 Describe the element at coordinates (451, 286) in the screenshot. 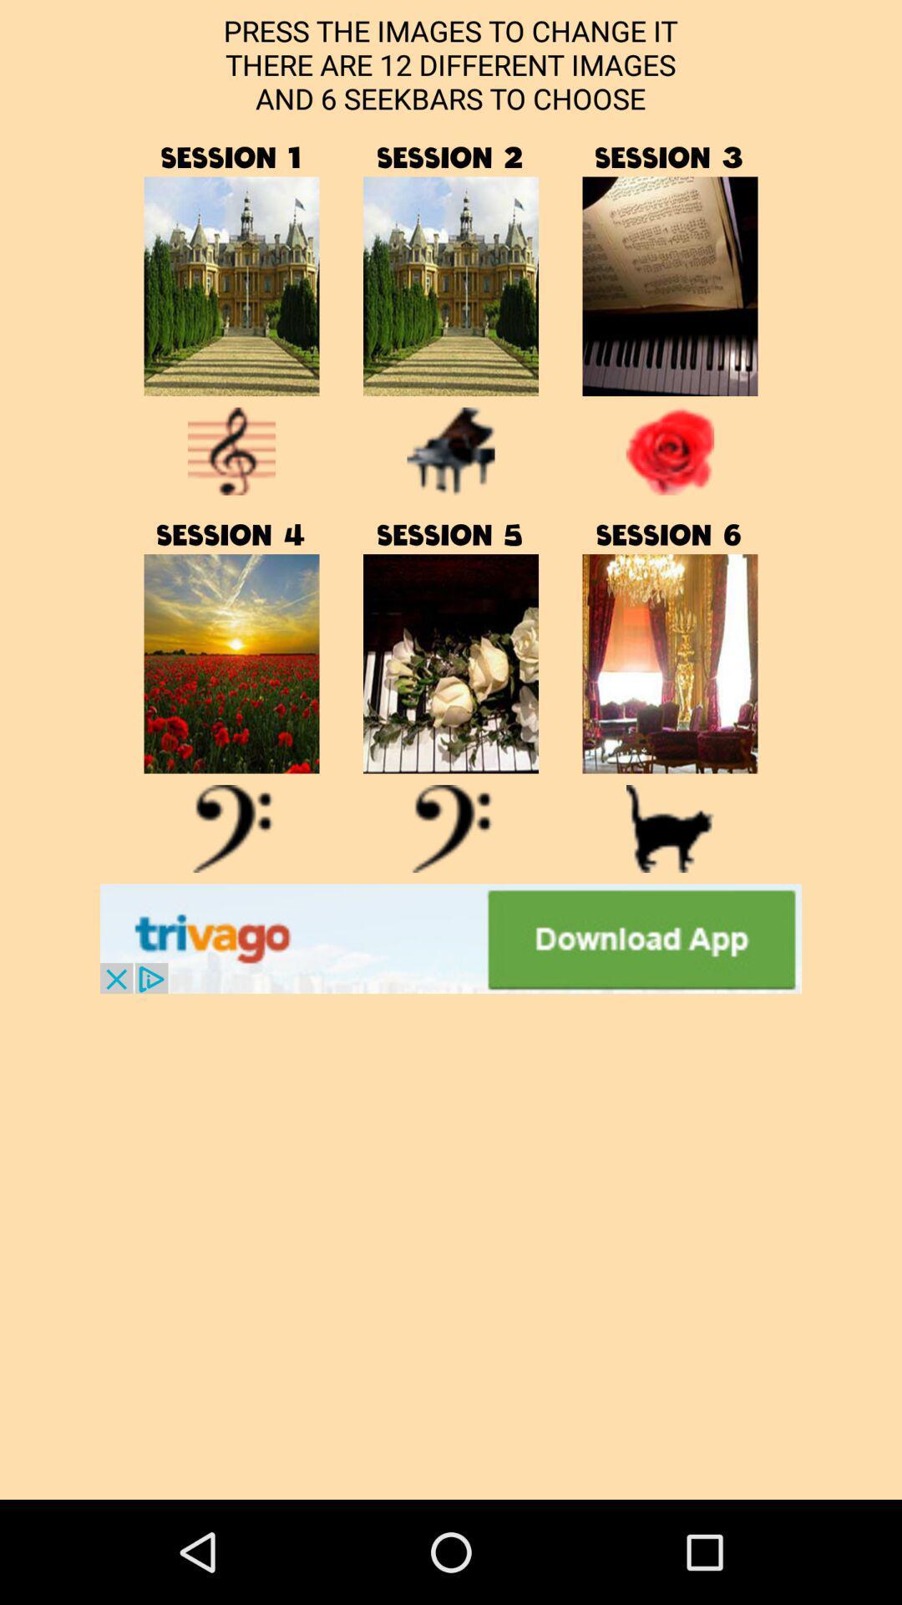

I see `open` at that location.